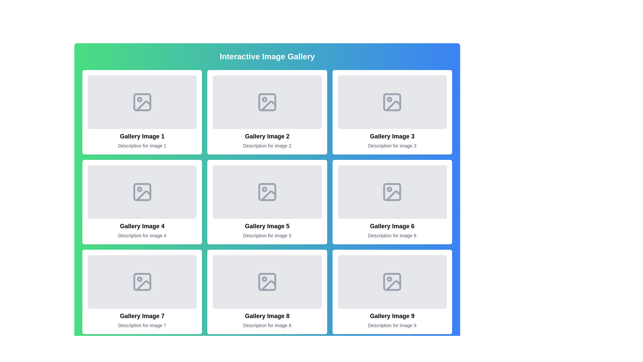 The width and height of the screenshot is (643, 362). I want to click on text label located below the title 'Gallery Image 1' in the first gallery item of the grid layout, so click(142, 145).